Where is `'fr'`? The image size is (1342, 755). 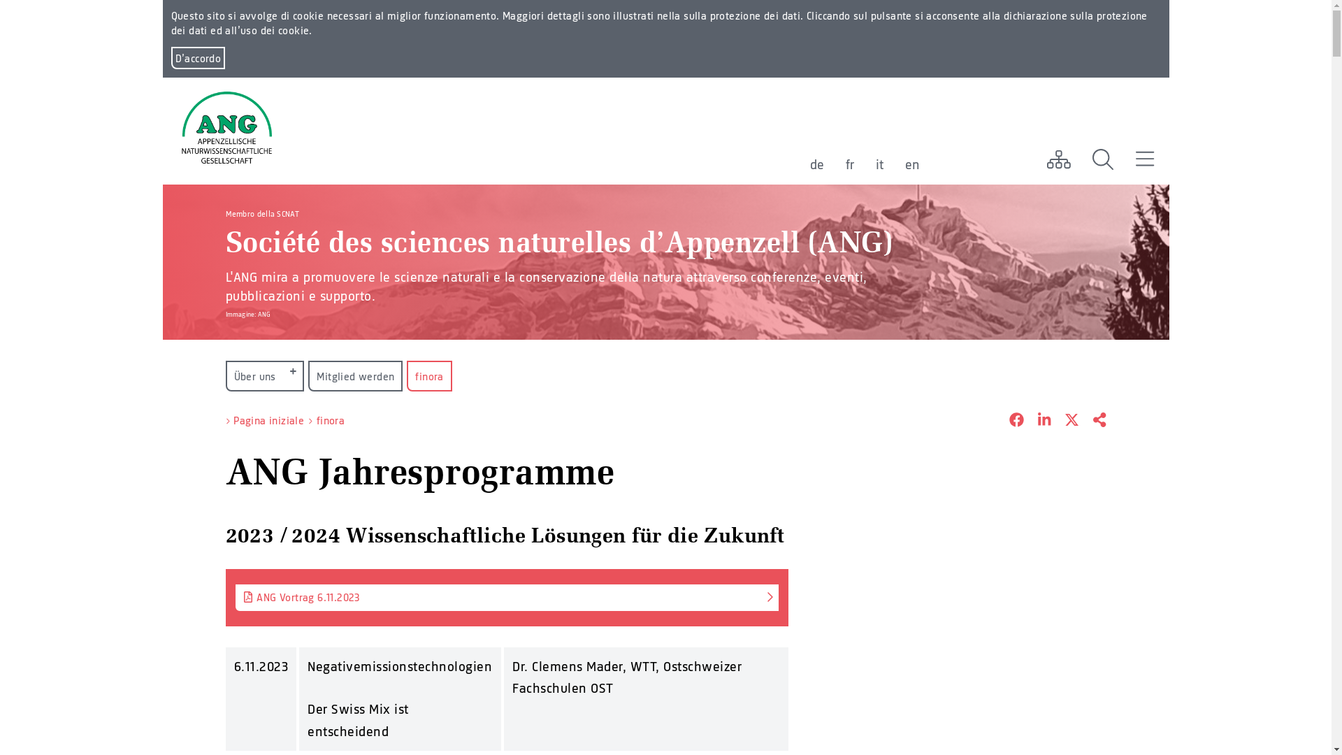 'fr' is located at coordinates (844, 164).